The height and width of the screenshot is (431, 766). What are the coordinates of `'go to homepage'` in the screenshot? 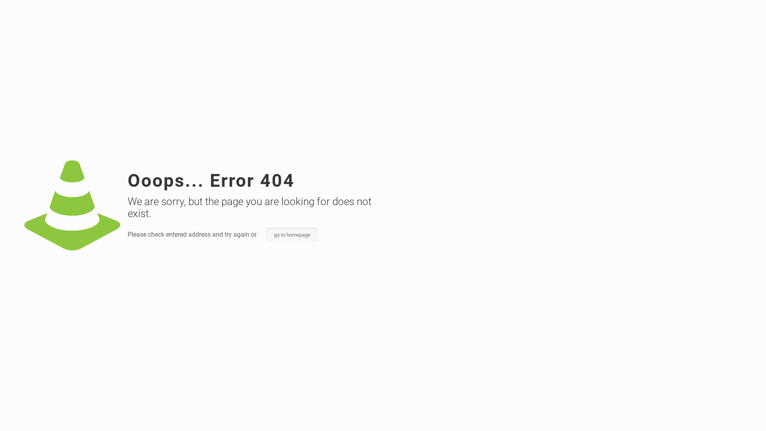 It's located at (292, 234).